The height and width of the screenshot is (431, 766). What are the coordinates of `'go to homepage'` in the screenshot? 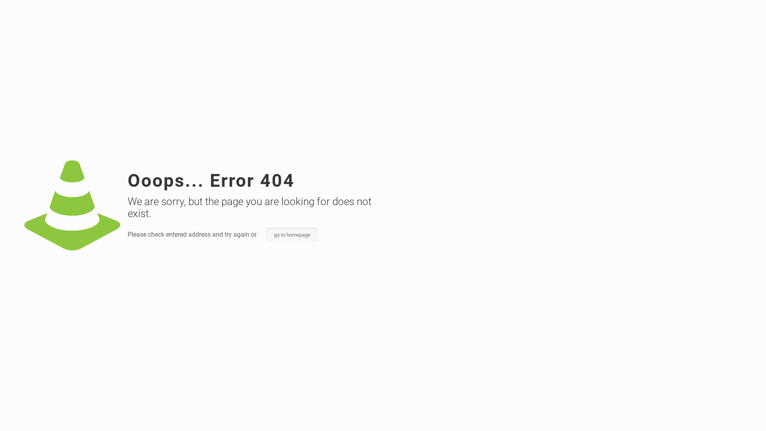 It's located at (292, 234).